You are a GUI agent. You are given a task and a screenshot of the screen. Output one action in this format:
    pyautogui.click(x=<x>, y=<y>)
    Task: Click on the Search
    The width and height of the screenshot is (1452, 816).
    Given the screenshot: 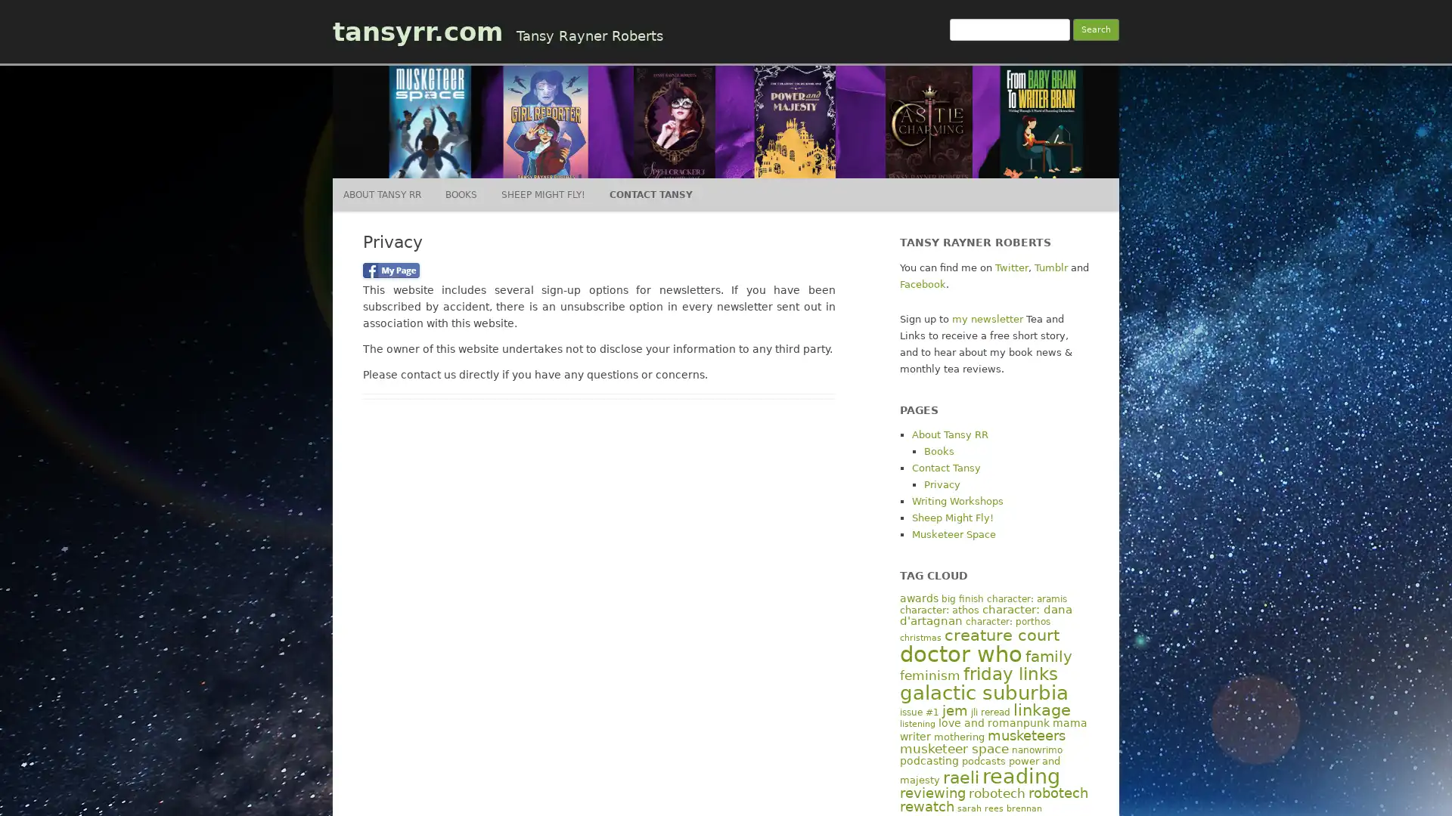 What is the action you would take?
    pyautogui.click(x=1096, y=29)
    